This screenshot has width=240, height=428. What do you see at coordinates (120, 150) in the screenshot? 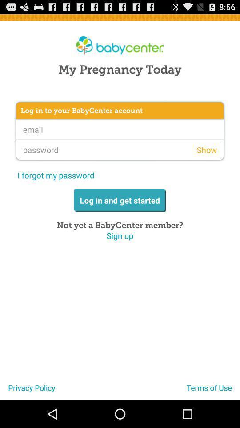
I see `password` at bounding box center [120, 150].